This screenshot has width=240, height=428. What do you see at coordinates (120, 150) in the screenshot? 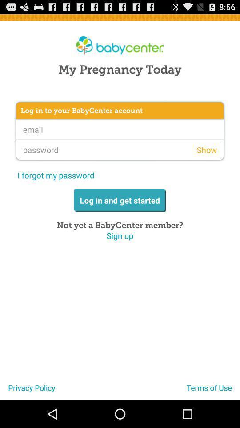
I see `password` at bounding box center [120, 150].